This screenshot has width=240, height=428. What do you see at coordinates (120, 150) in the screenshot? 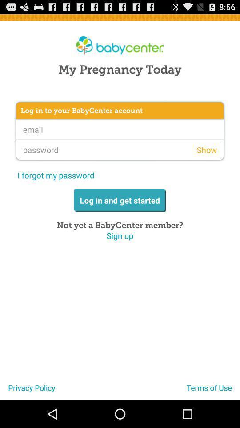
I see `password` at bounding box center [120, 150].